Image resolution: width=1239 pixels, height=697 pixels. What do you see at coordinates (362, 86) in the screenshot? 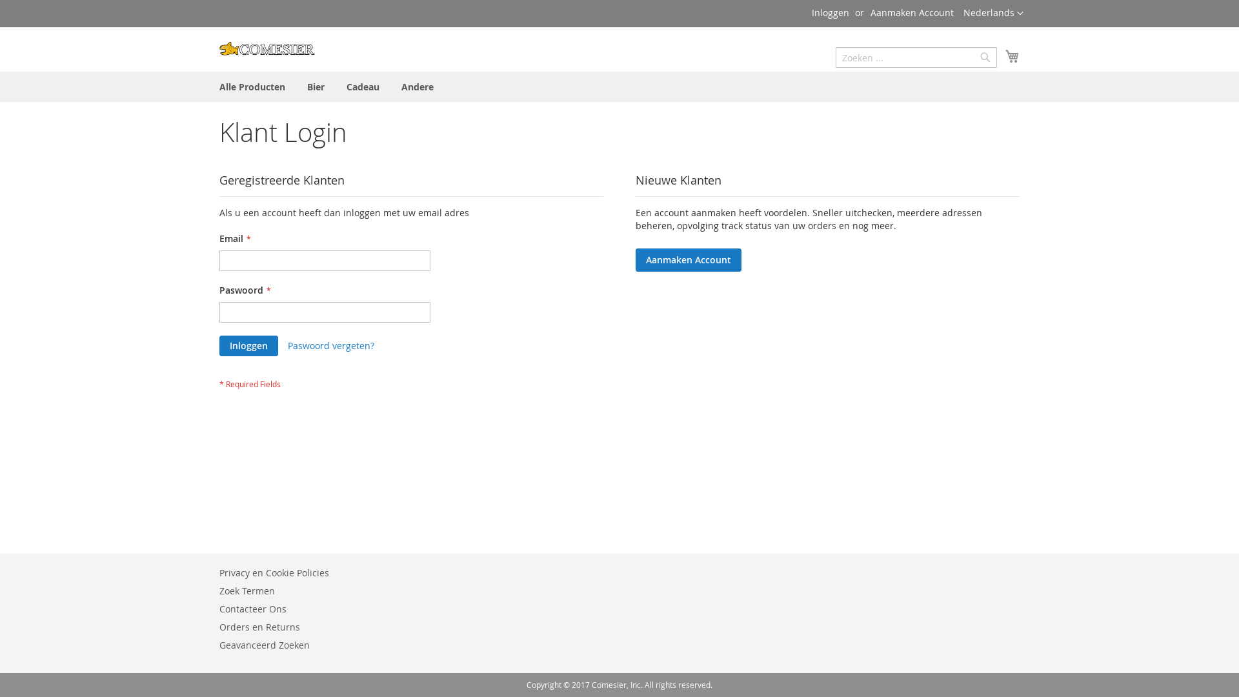
I see `'Cadeau'` at bounding box center [362, 86].